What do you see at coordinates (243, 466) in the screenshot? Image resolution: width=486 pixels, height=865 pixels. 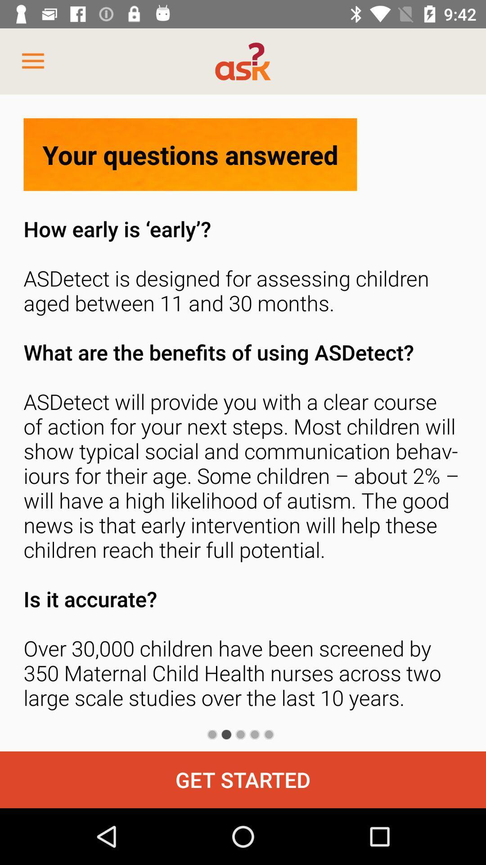 I see `icon at the center` at bounding box center [243, 466].